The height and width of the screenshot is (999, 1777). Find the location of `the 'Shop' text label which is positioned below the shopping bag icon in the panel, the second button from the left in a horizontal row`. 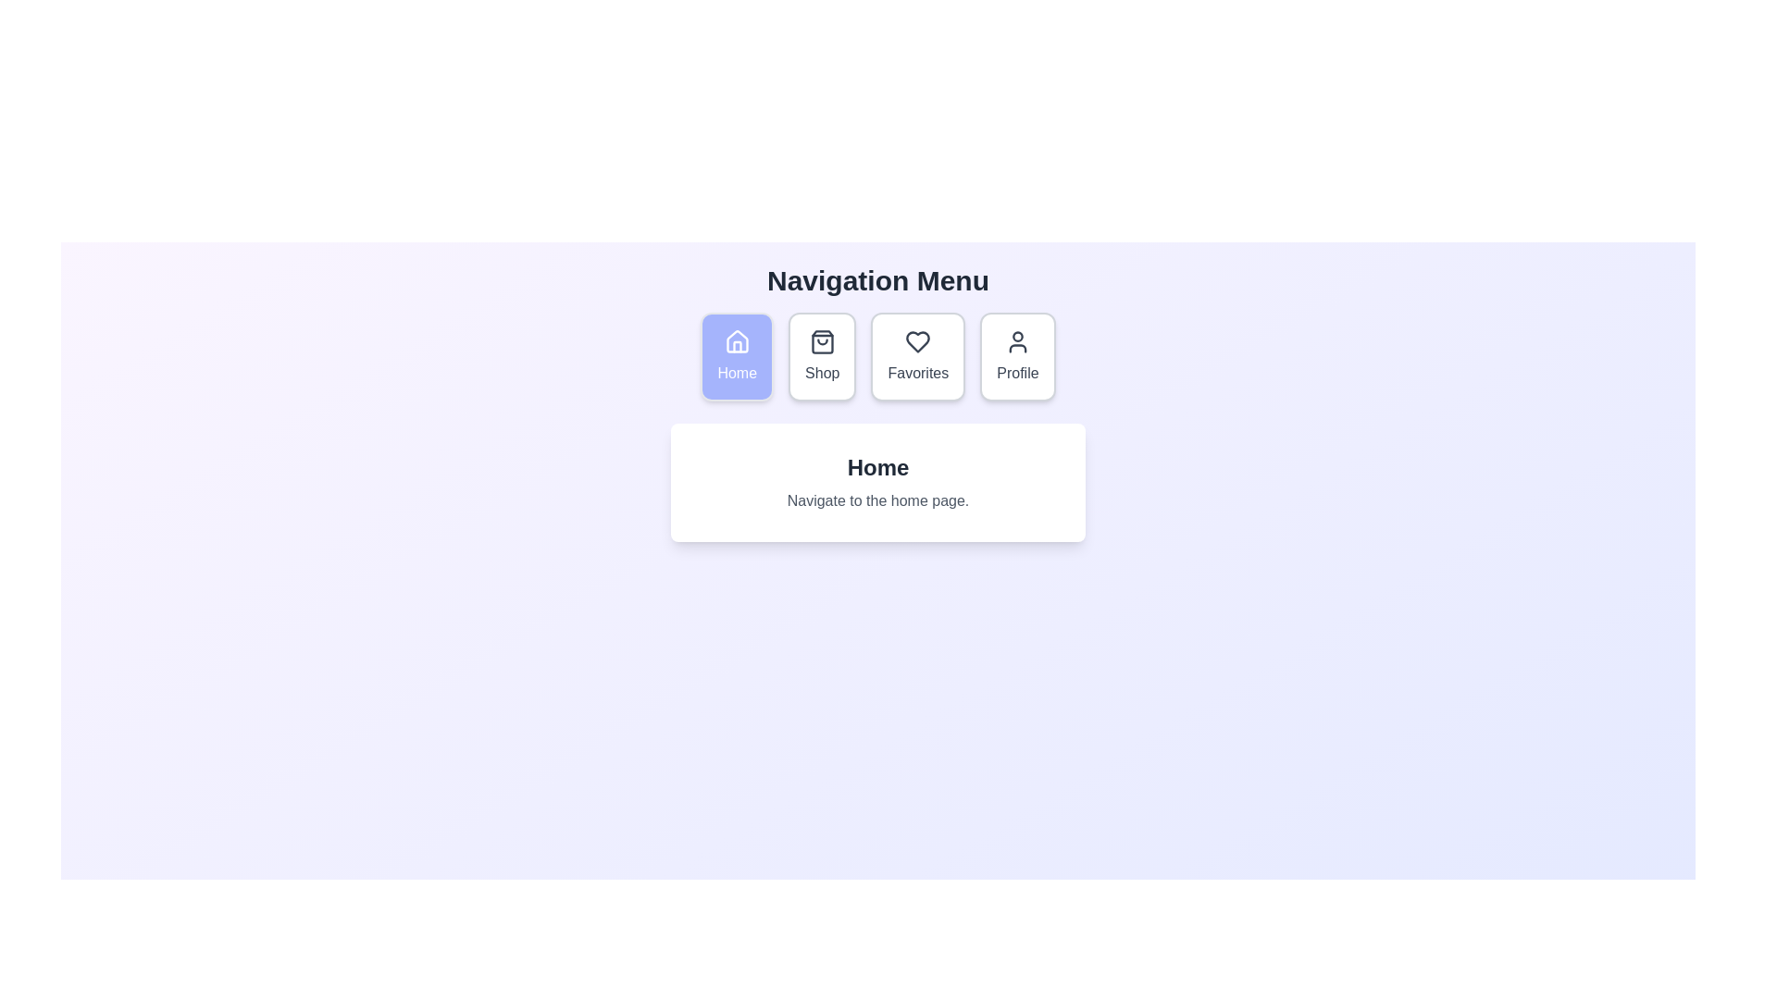

the 'Shop' text label which is positioned below the shopping bag icon in the panel, the second button from the left in a horizontal row is located at coordinates (821, 374).